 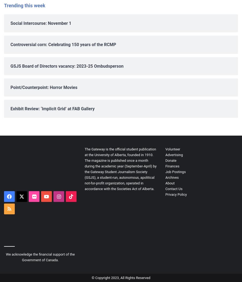 I want to click on 'Volunteer', so click(x=173, y=149).